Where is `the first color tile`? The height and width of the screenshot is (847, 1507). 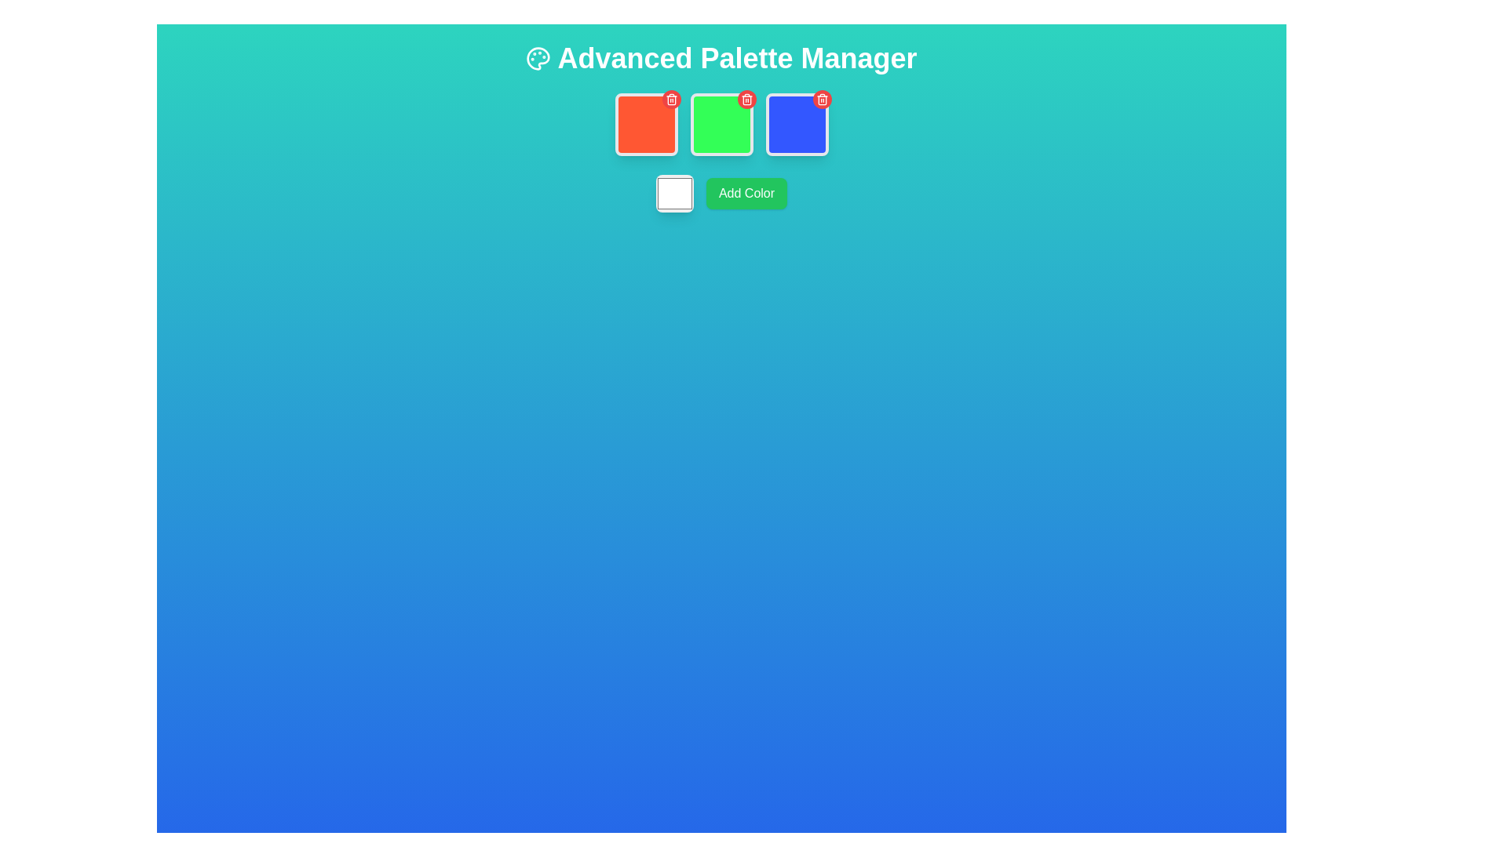 the first color tile is located at coordinates (646, 123).